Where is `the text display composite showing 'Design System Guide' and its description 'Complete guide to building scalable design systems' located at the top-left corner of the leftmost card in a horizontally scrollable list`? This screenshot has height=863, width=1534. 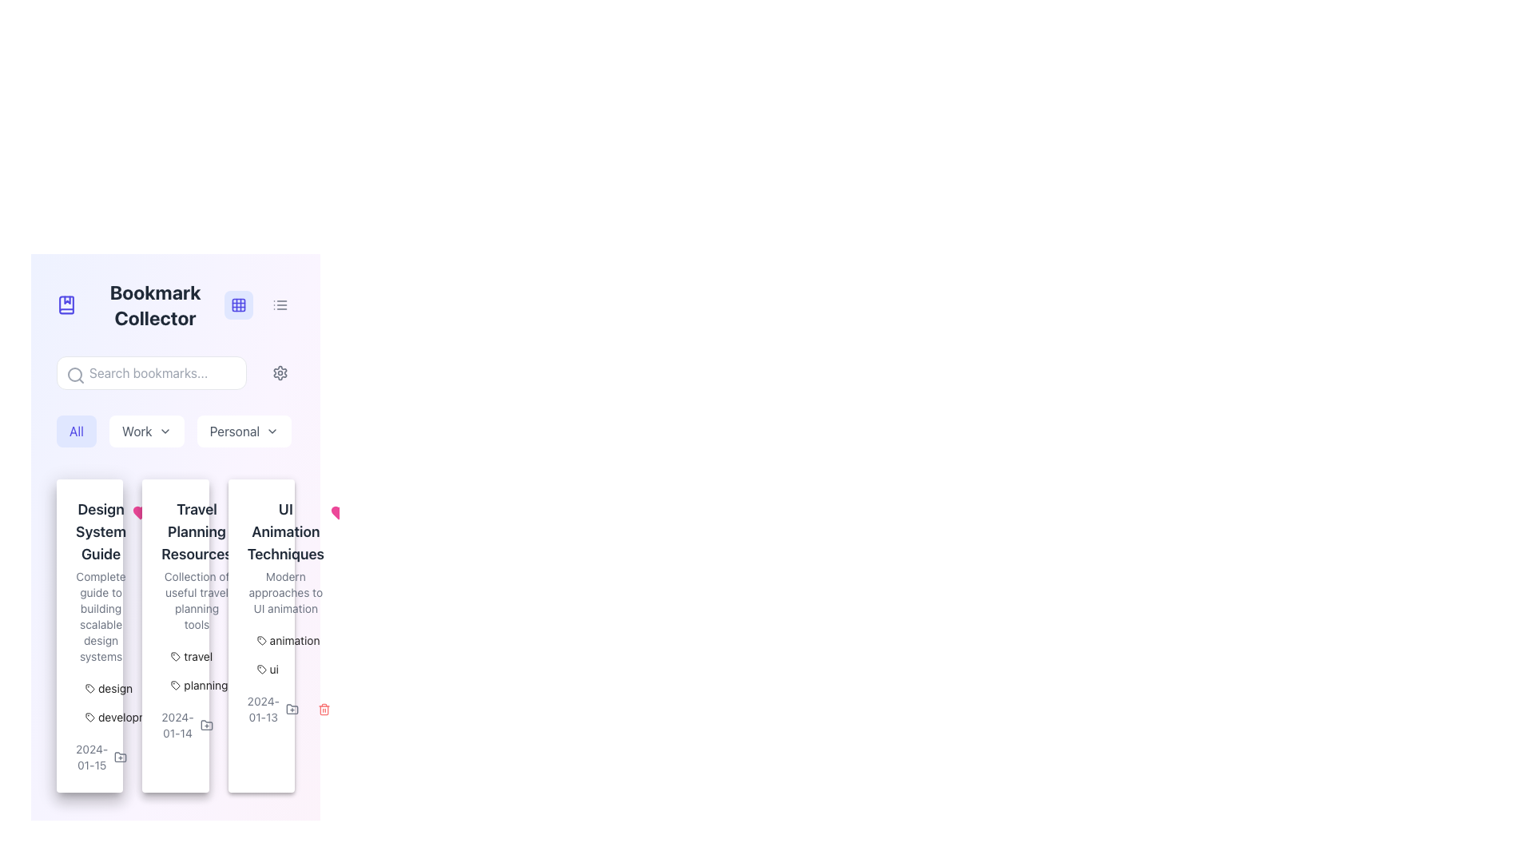 the text display composite showing 'Design System Guide' and its description 'Complete guide to building scalable design systems' located at the top-left corner of the leftmost card in a horizontally scrollable list is located at coordinates (89, 582).